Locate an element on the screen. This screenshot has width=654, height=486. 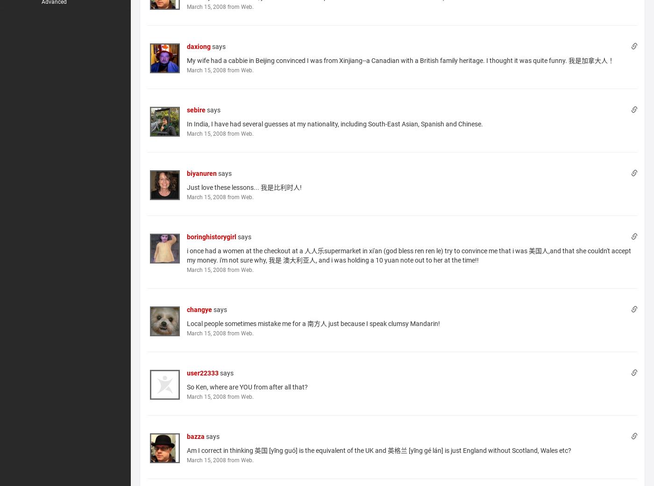
'biyanuren' is located at coordinates (202, 172).